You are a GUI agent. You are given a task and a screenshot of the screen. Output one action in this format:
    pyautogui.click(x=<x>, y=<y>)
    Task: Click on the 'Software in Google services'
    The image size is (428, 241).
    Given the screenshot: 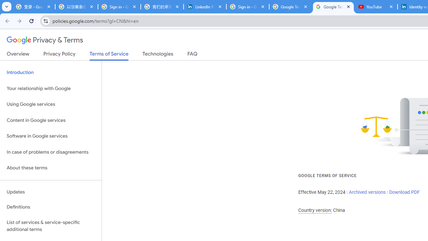 What is the action you would take?
    pyautogui.click(x=50, y=136)
    